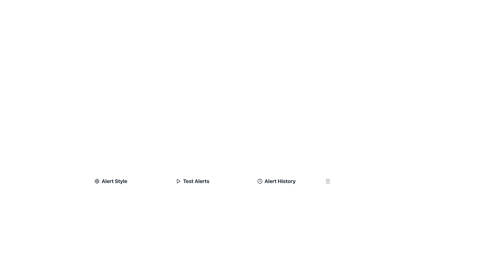 The width and height of the screenshot is (498, 280). I want to click on the 'Alert History' icon located to the left of the 'Alert History' text, which visually represents the section related to time or historical data, so click(260, 181).